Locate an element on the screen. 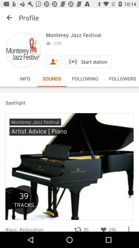 This screenshot has height=248, width=139. the first button on the image of the web page is located at coordinates (35, 122).